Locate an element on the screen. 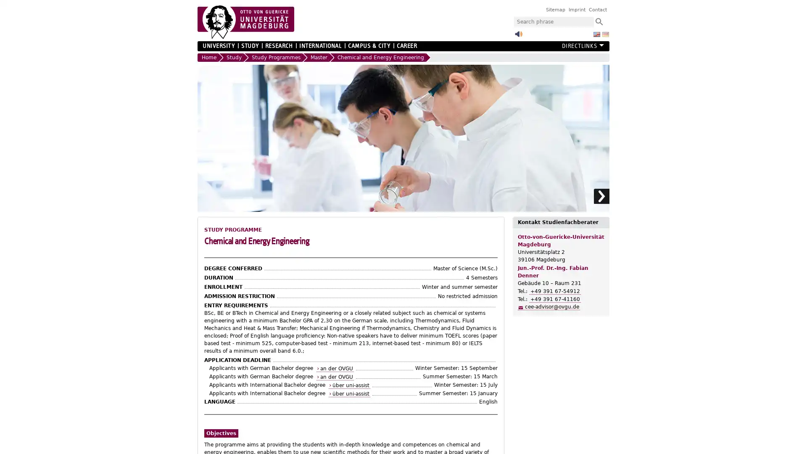 This screenshot has height=454, width=807. Absenden is located at coordinates (599, 21).